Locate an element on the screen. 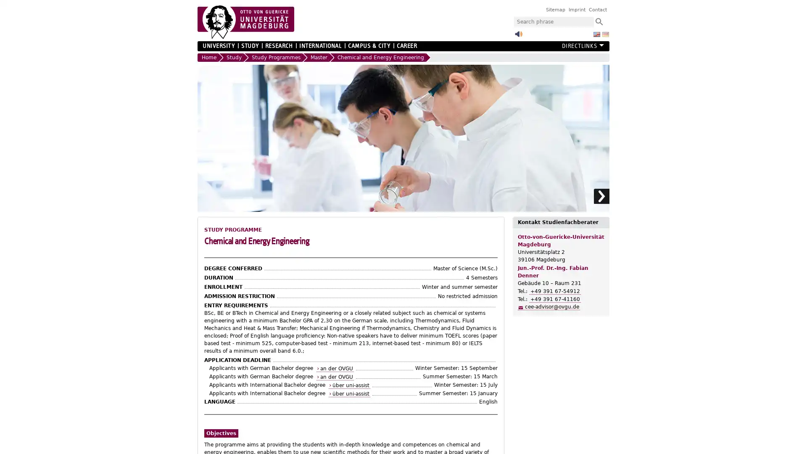 This screenshot has height=454, width=807. Absenden is located at coordinates (599, 21).